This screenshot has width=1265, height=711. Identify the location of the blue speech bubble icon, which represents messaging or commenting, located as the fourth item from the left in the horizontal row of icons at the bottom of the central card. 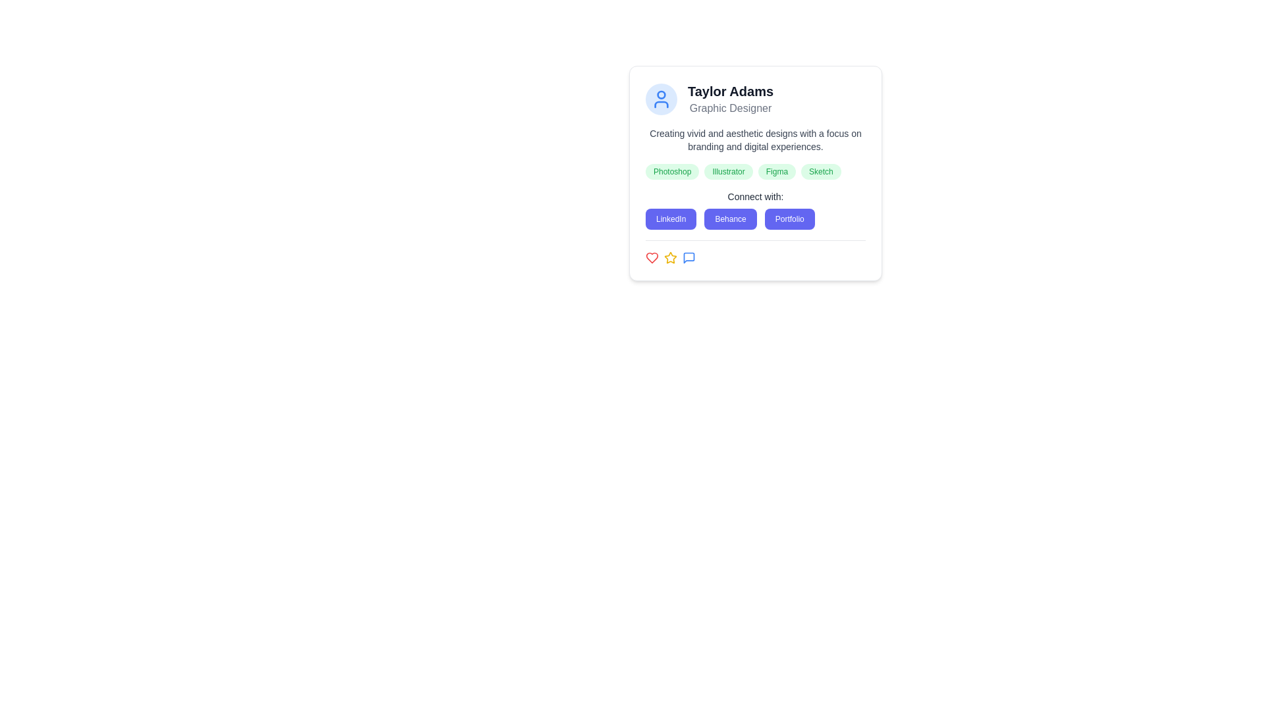
(689, 258).